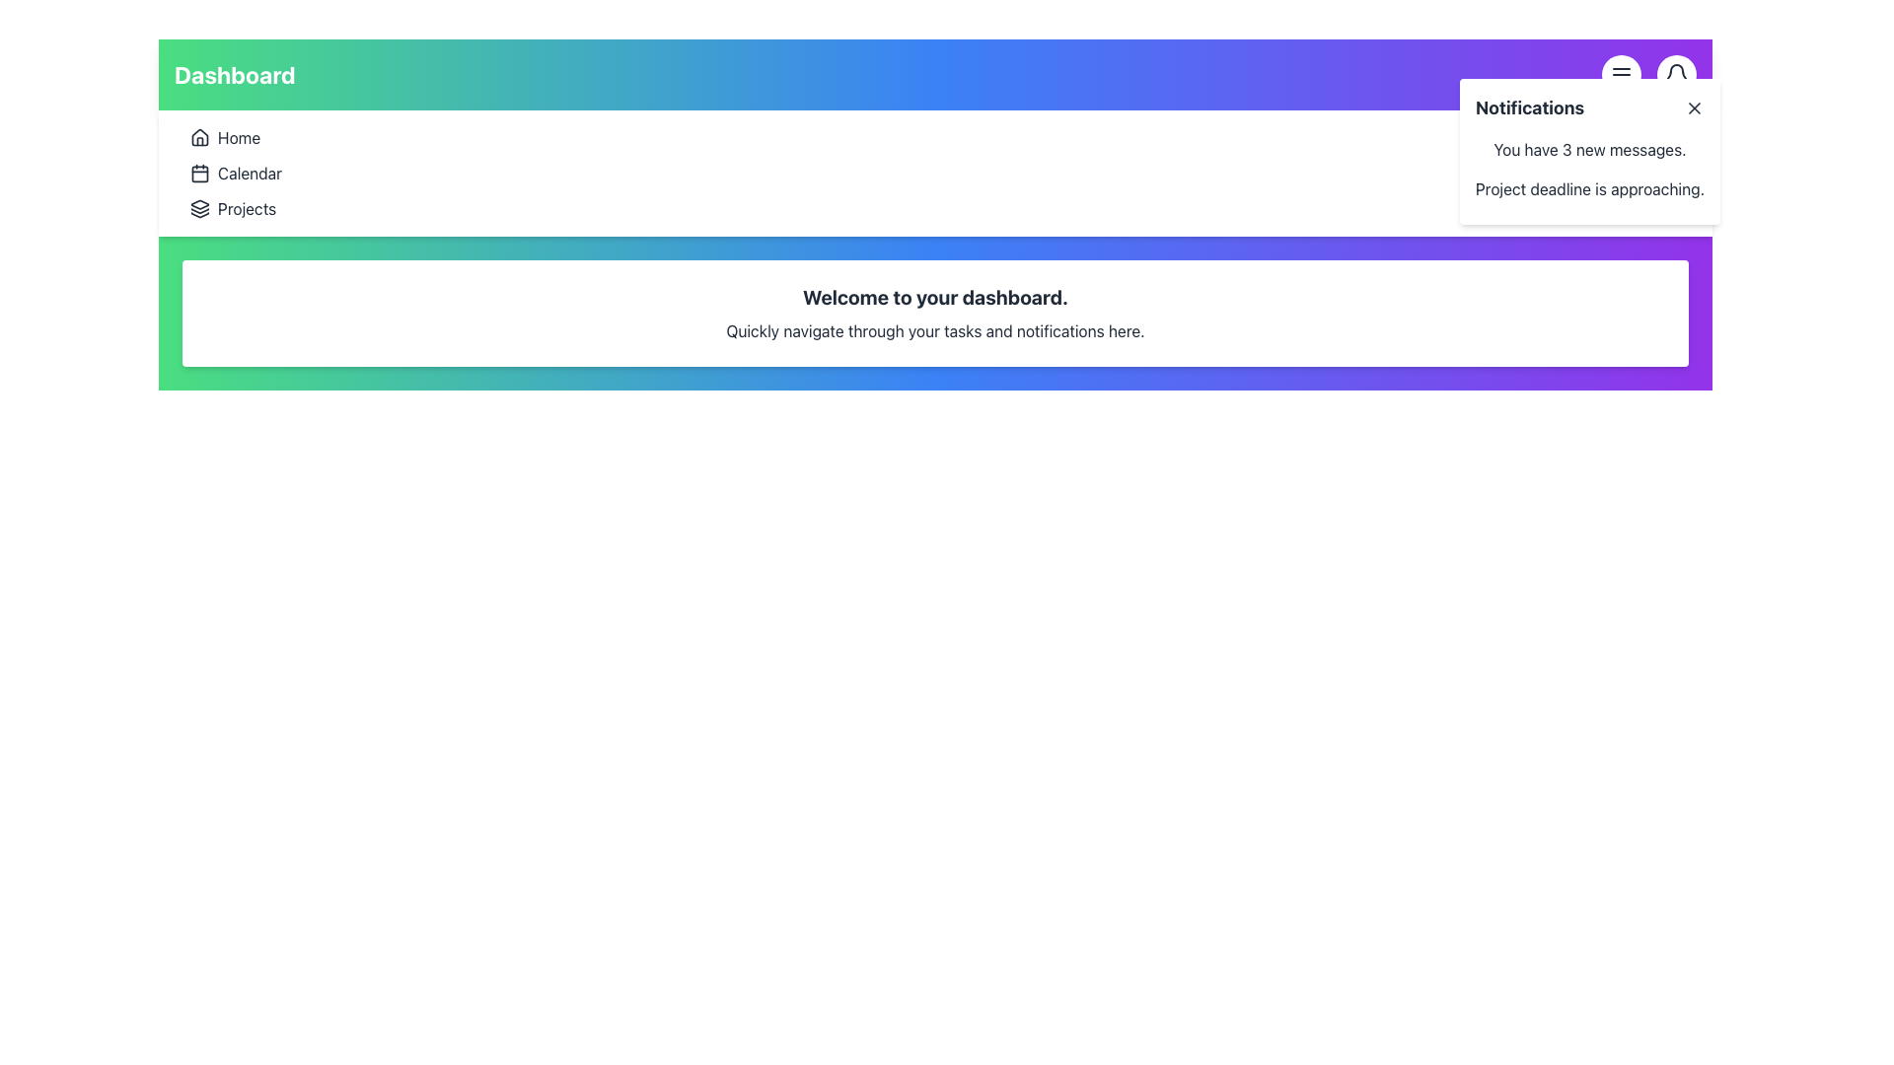 The height and width of the screenshot is (1065, 1894). Describe the element at coordinates (1590, 148) in the screenshot. I see `the text label that indicates 3 unread messages within the 'Notifications' box` at that location.